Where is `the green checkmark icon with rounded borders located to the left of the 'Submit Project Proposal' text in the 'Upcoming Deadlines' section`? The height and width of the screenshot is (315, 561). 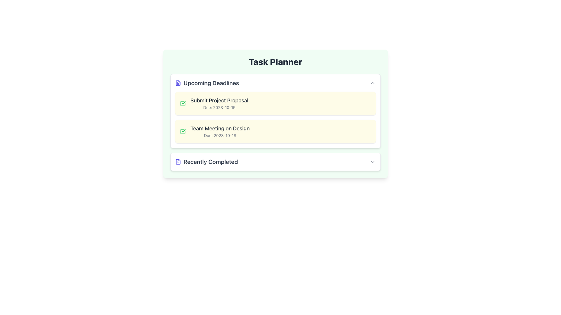
the green checkmark icon with rounded borders located to the left of the 'Submit Project Proposal' text in the 'Upcoming Deadlines' section is located at coordinates (182, 103).